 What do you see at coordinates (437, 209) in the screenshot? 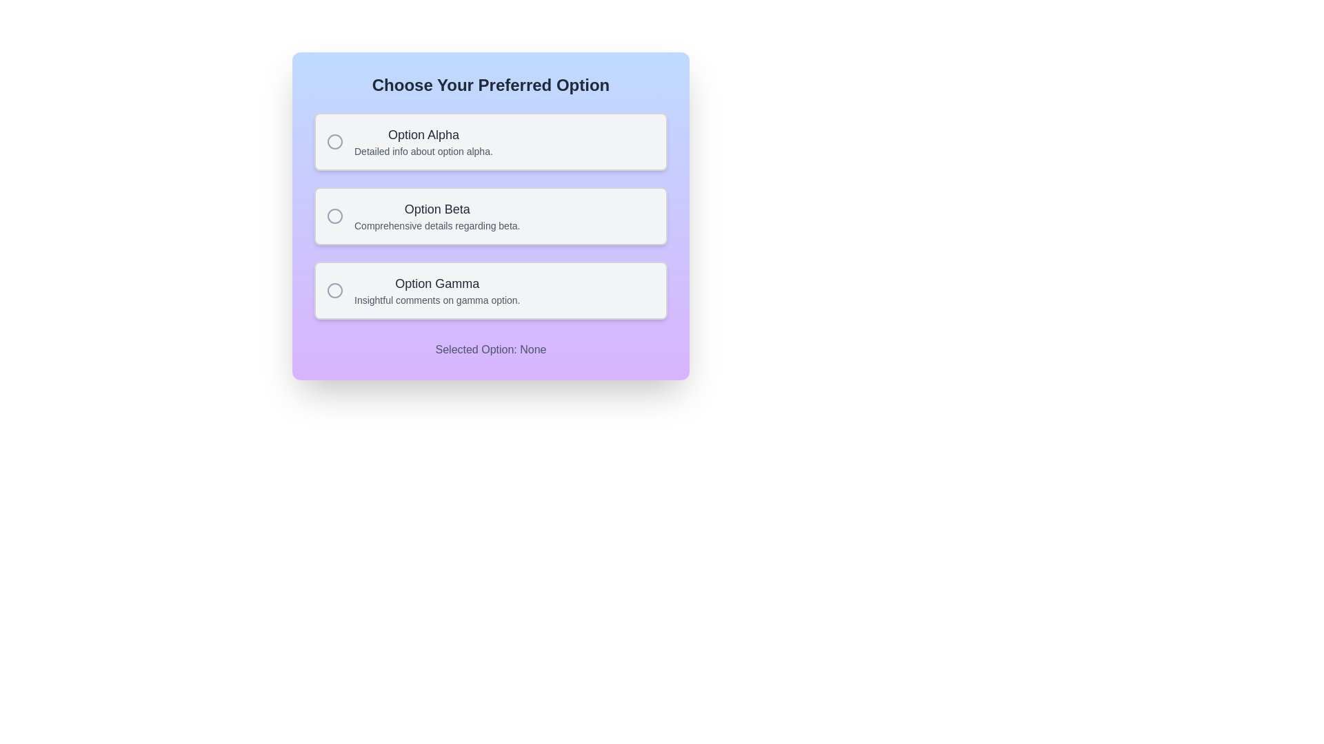
I see `the label that identifies the second selectable option in a vertical list, positioned between 'Option Alpha' and 'Option Gamma'` at bounding box center [437, 209].